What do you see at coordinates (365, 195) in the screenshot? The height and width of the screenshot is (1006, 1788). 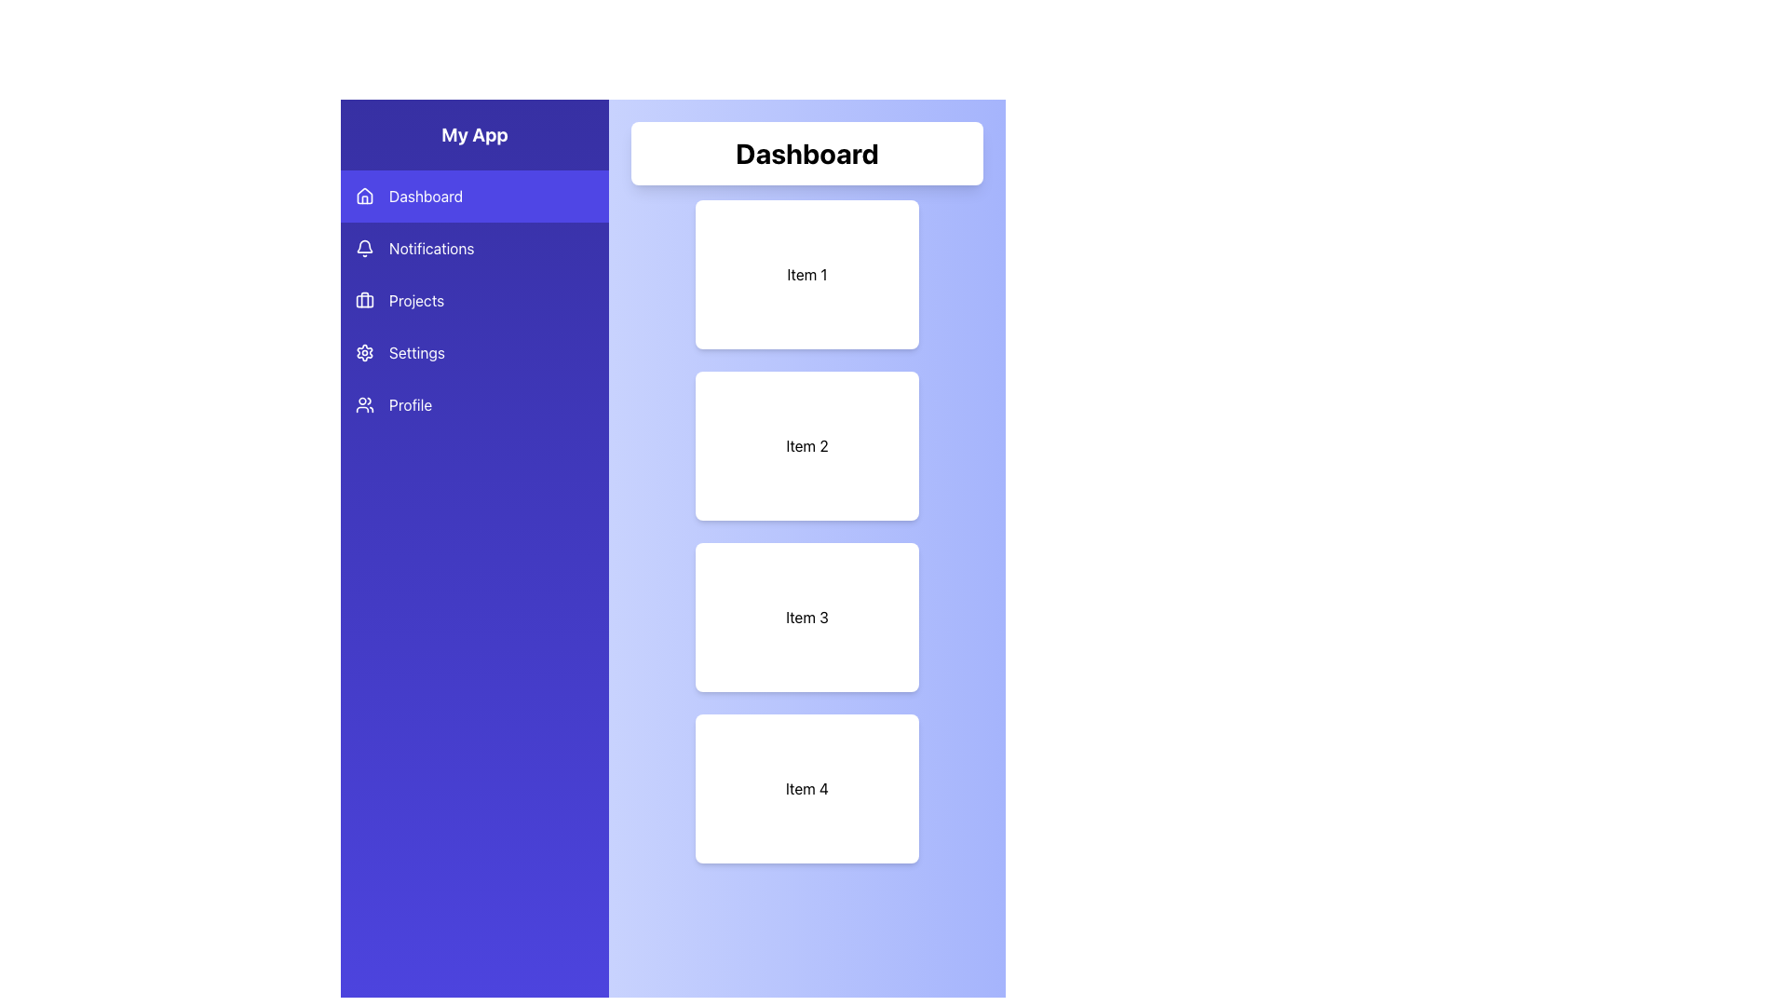 I see `the 'Dashboard' icon located on the left navigation bar, positioned next to the 'Dashboard' label` at bounding box center [365, 195].